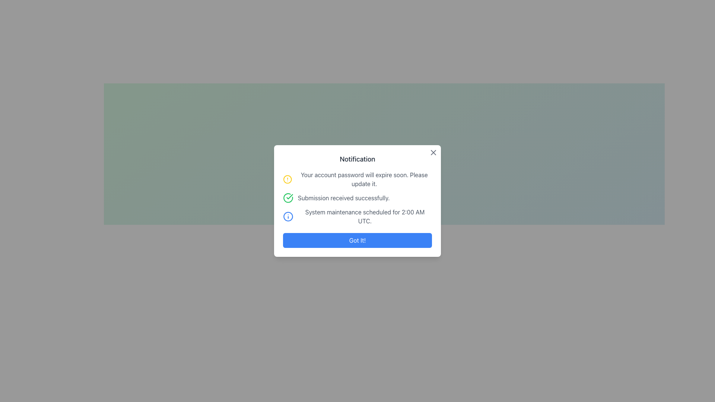  Describe the element at coordinates (433, 152) in the screenshot. I see `the close icon styled as an 'X' located in the top right corner of the white modal window to change its color` at that location.